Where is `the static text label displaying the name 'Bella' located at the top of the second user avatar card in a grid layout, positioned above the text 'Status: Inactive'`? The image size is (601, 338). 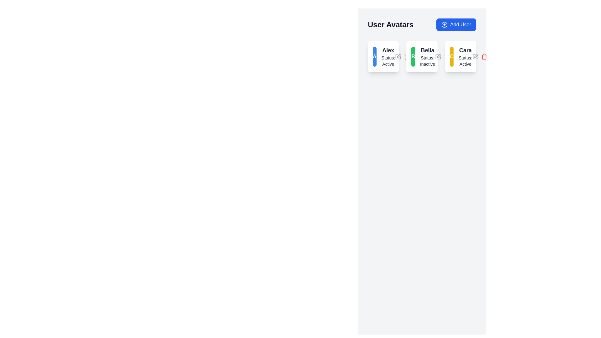 the static text label displaying the name 'Bella' located at the top of the second user avatar card in a grid layout, positioned above the text 'Status: Inactive' is located at coordinates (427, 50).